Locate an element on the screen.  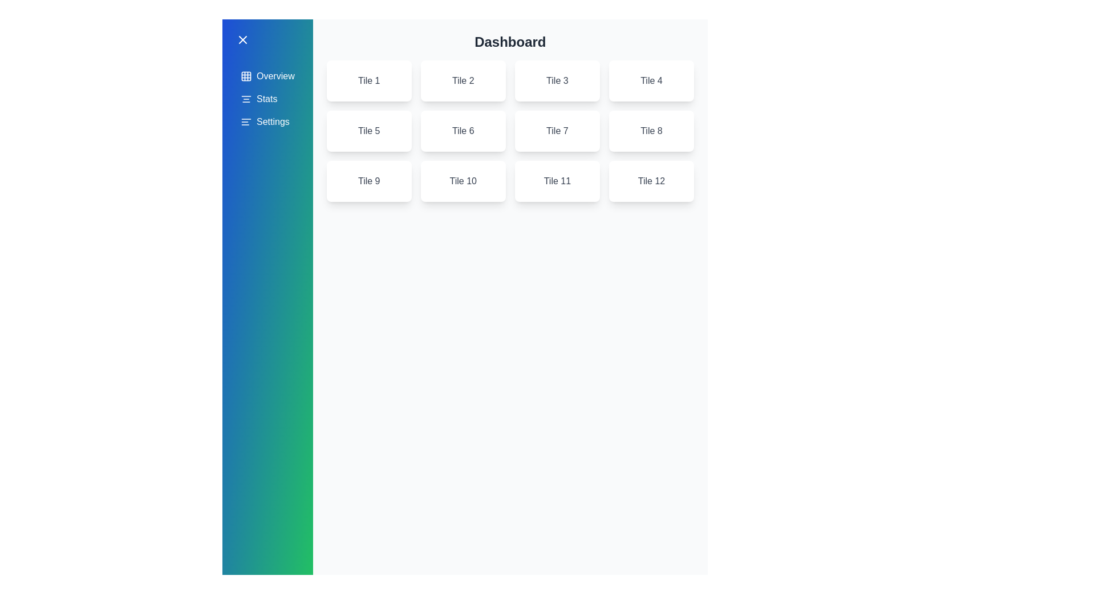
the menu item Stats in the sidebar is located at coordinates (267, 98).